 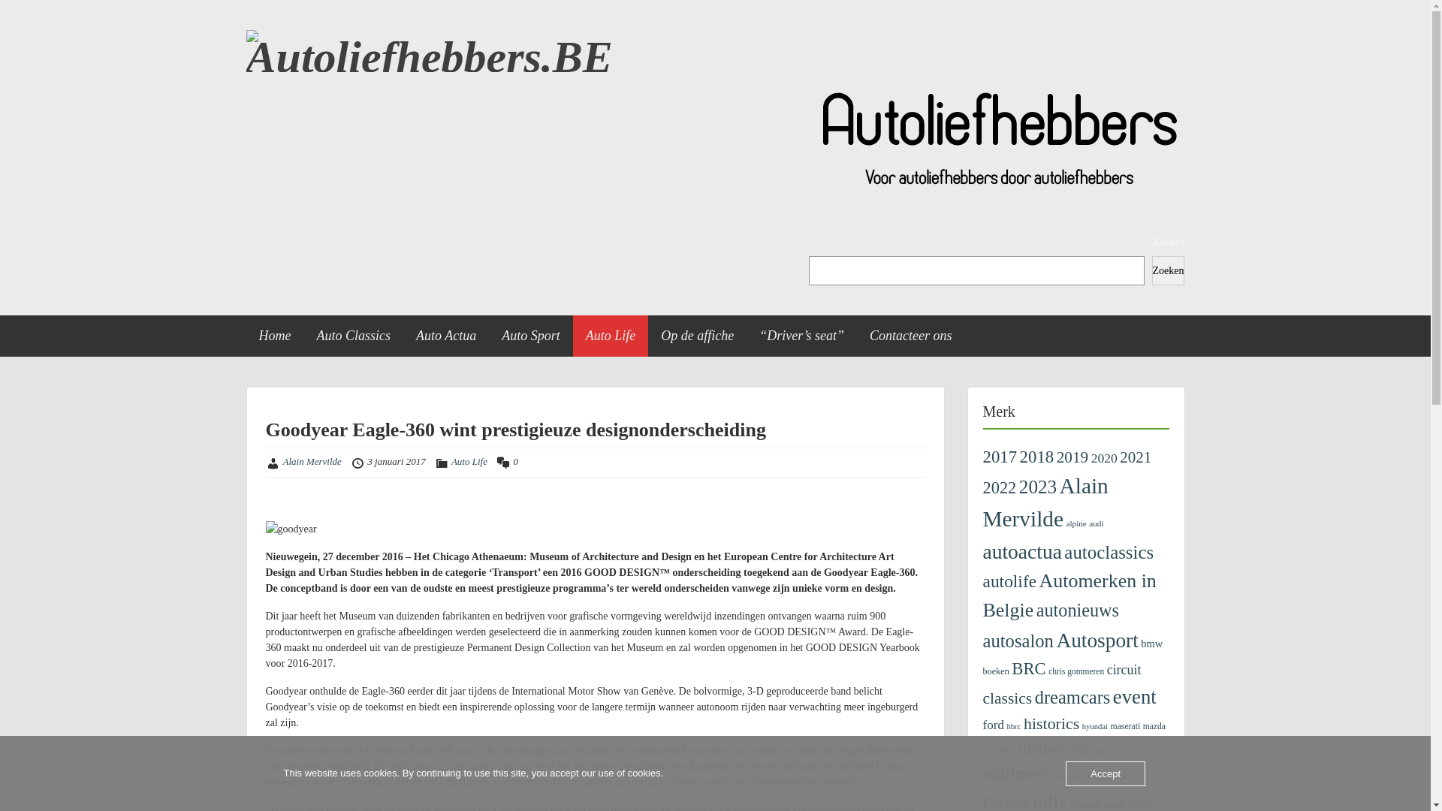 What do you see at coordinates (1009, 580) in the screenshot?
I see `'autolife'` at bounding box center [1009, 580].